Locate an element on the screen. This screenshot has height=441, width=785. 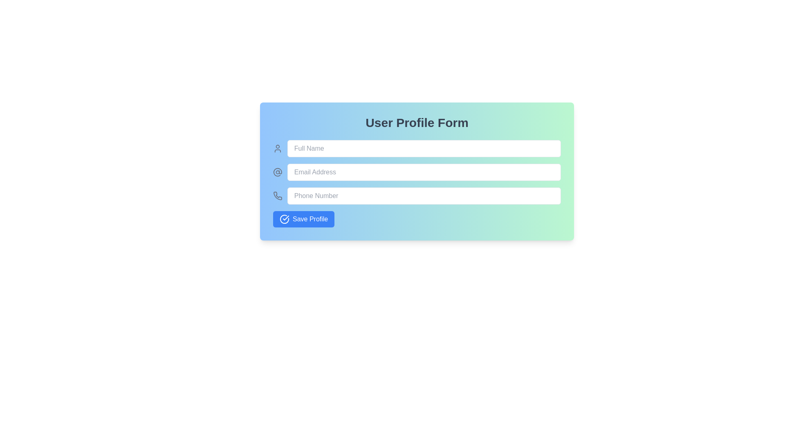
the decorative email icon located to the left of the 'Email Address' input field is located at coordinates (278, 171).